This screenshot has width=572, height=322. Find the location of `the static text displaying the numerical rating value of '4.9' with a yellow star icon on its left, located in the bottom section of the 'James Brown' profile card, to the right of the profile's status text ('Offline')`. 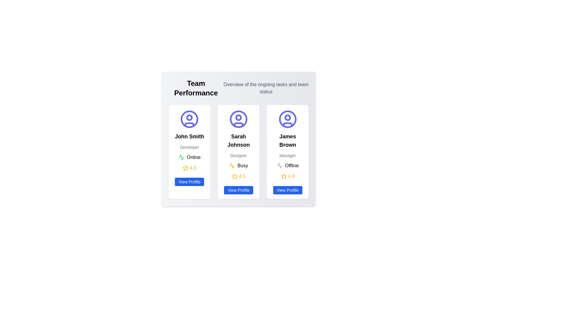

the static text displaying the numerical rating value of '4.9' with a yellow star icon on its left, located in the bottom section of the 'James Brown' profile card, to the right of the profile's status text ('Offline') is located at coordinates (287, 176).